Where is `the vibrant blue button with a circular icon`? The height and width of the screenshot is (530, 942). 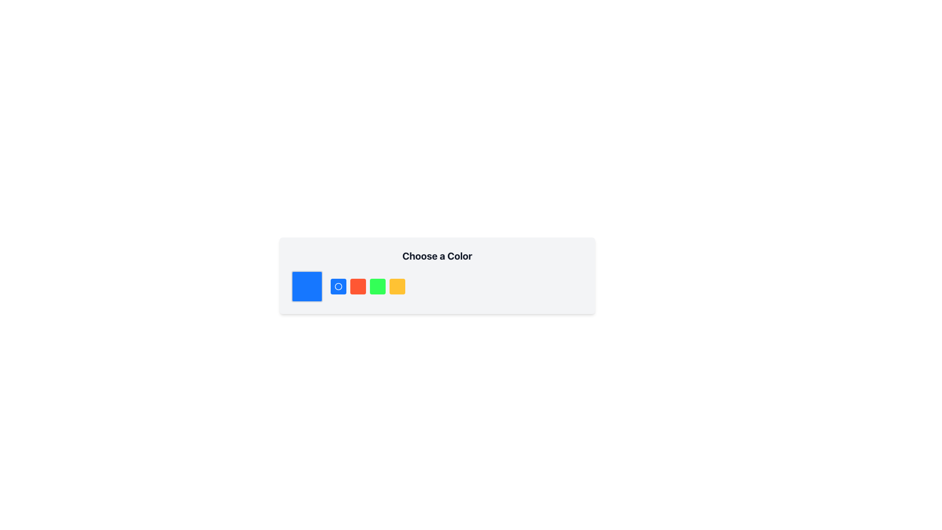
the vibrant blue button with a circular icon is located at coordinates (339, 286).